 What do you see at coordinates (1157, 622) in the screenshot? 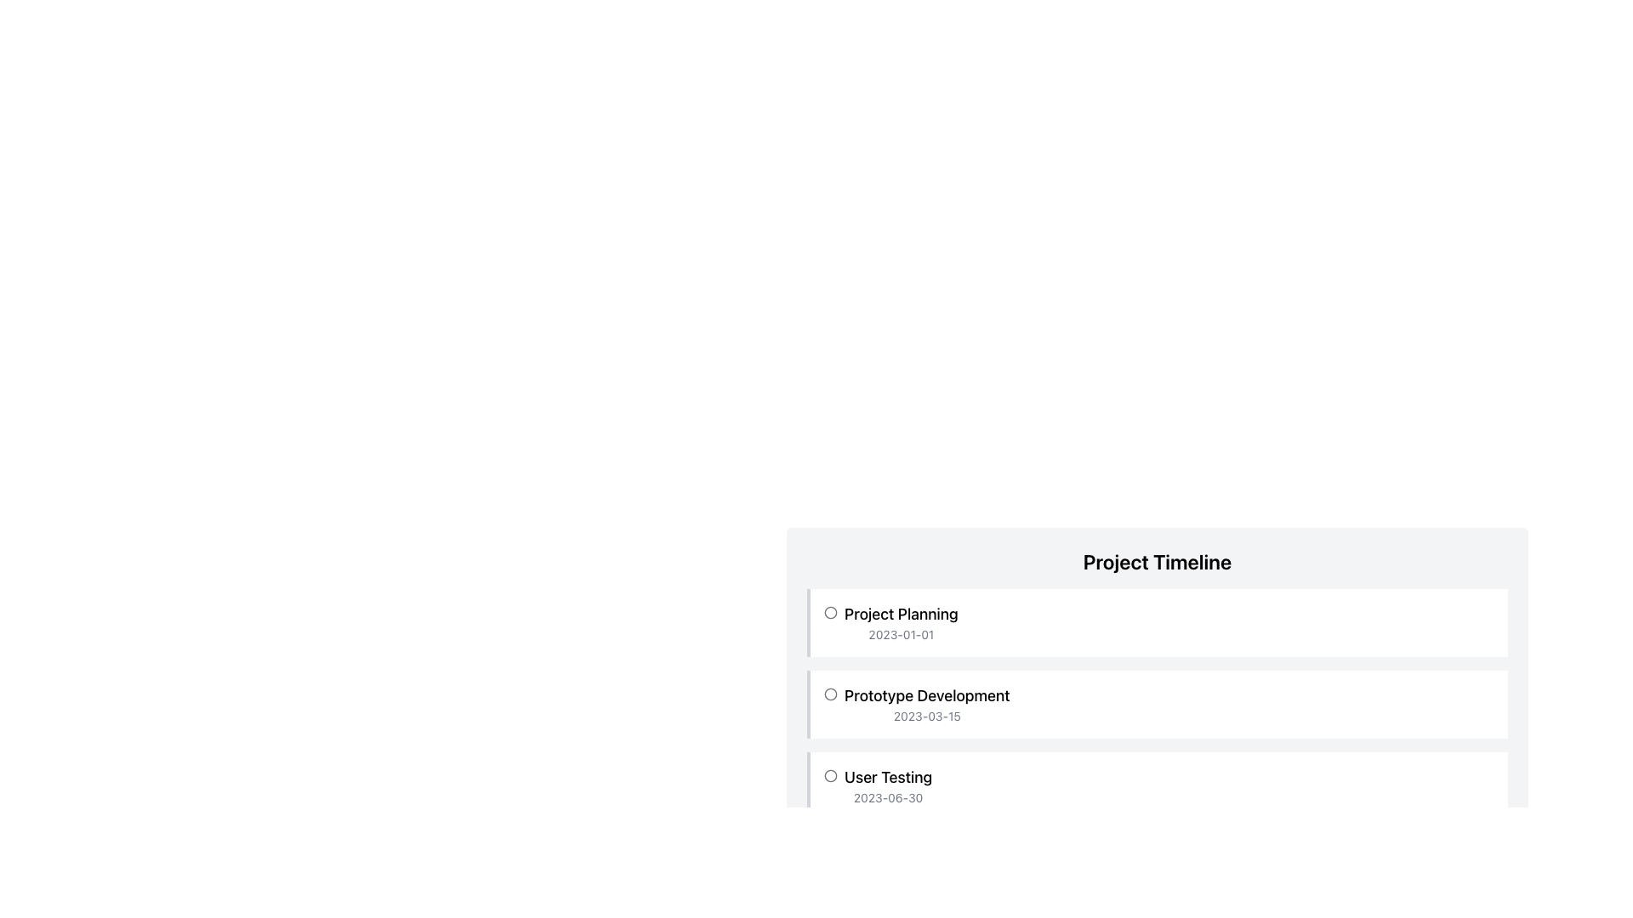
I see `the first list item titled 'Project Planning'` at bounding box center [1157, 622].